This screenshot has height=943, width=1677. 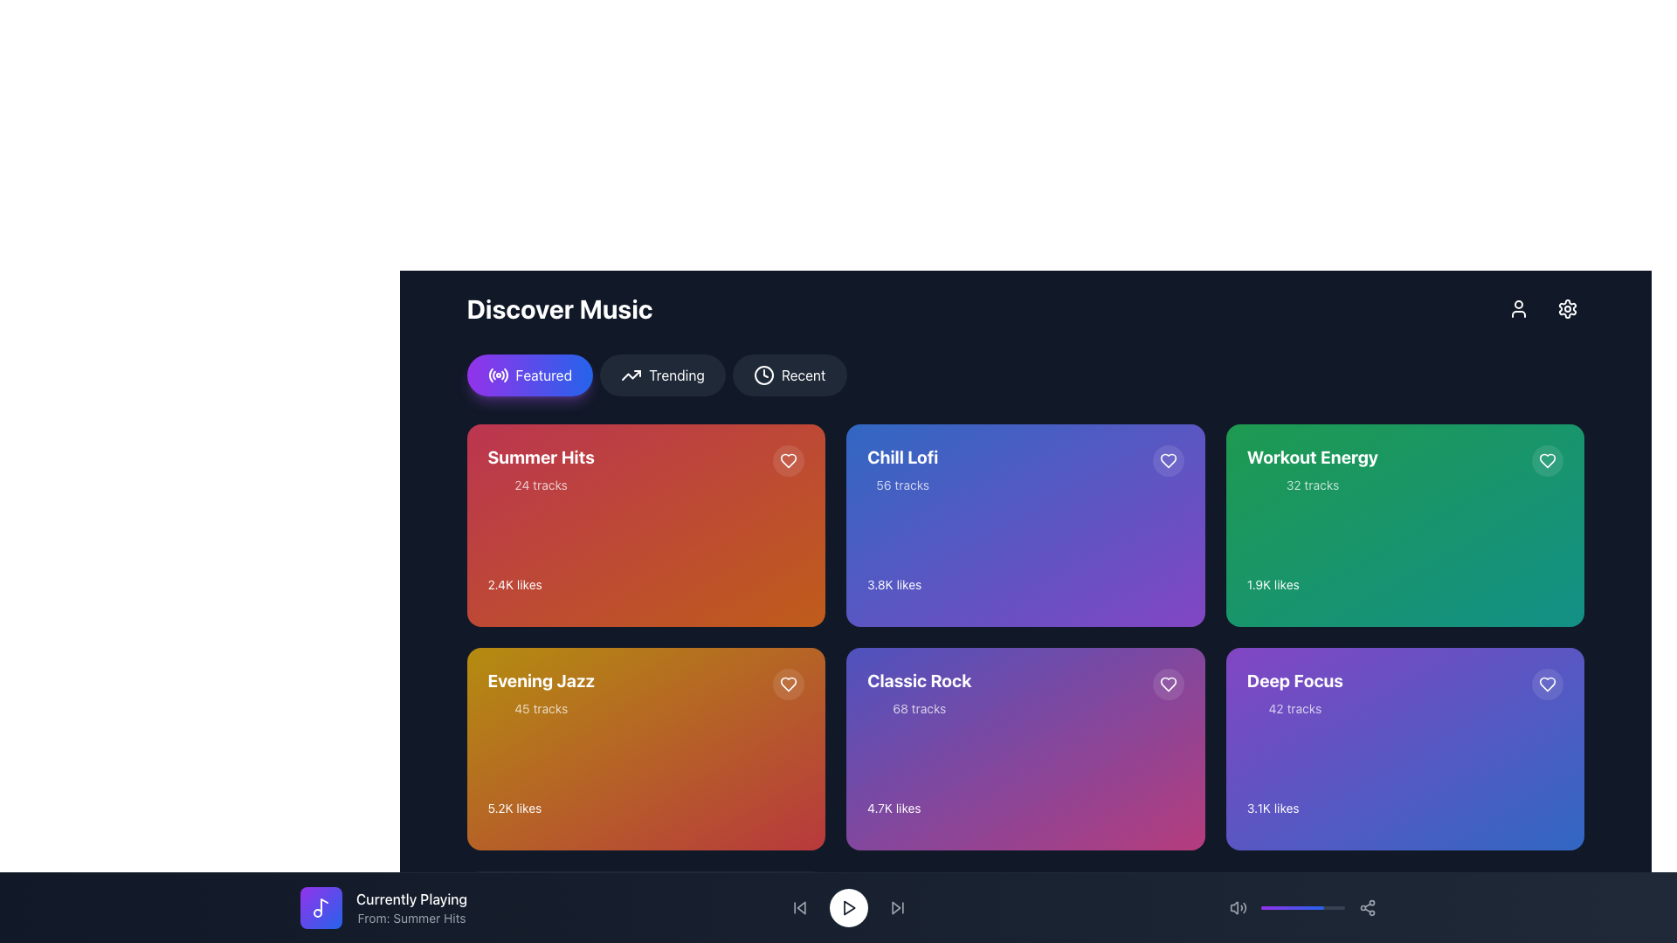 What do you see at coordinates (540, 692) in the screenshot?
I see `the text content within the card representing the playlist 'Evening Jazz'` at bounding box center [540, 692].